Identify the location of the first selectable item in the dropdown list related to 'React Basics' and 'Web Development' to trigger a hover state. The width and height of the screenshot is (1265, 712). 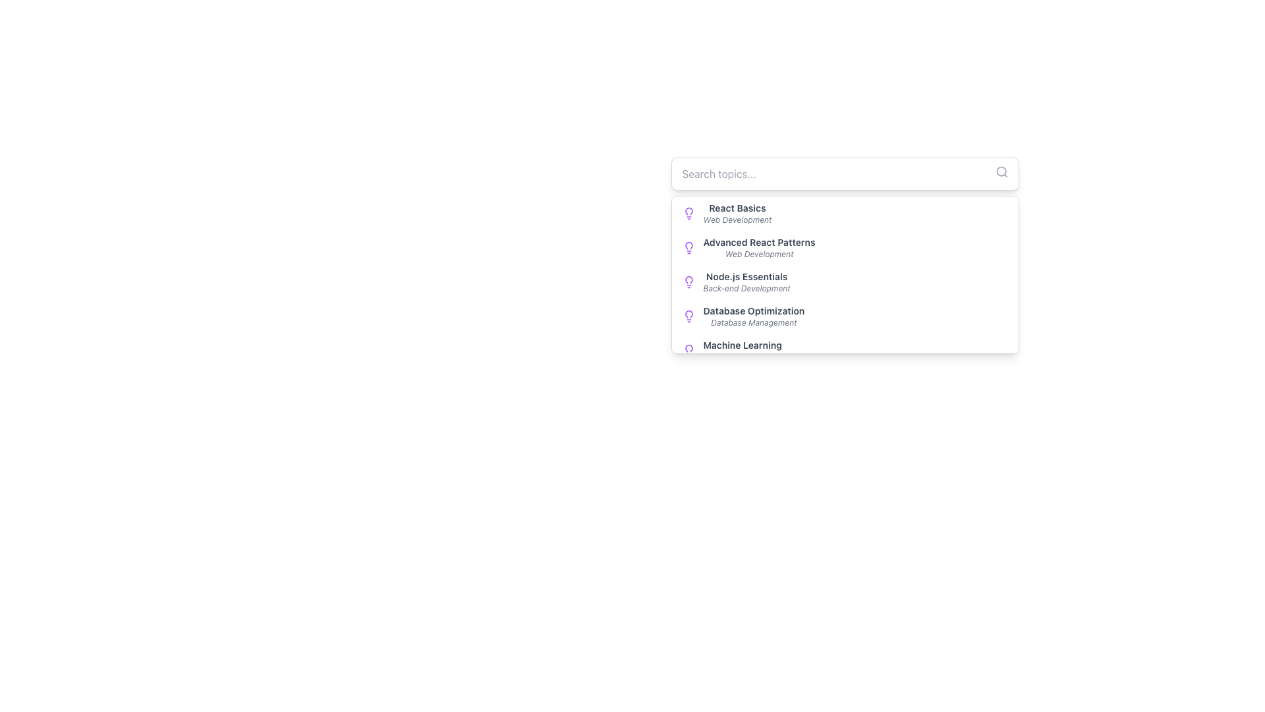
(845, 213).